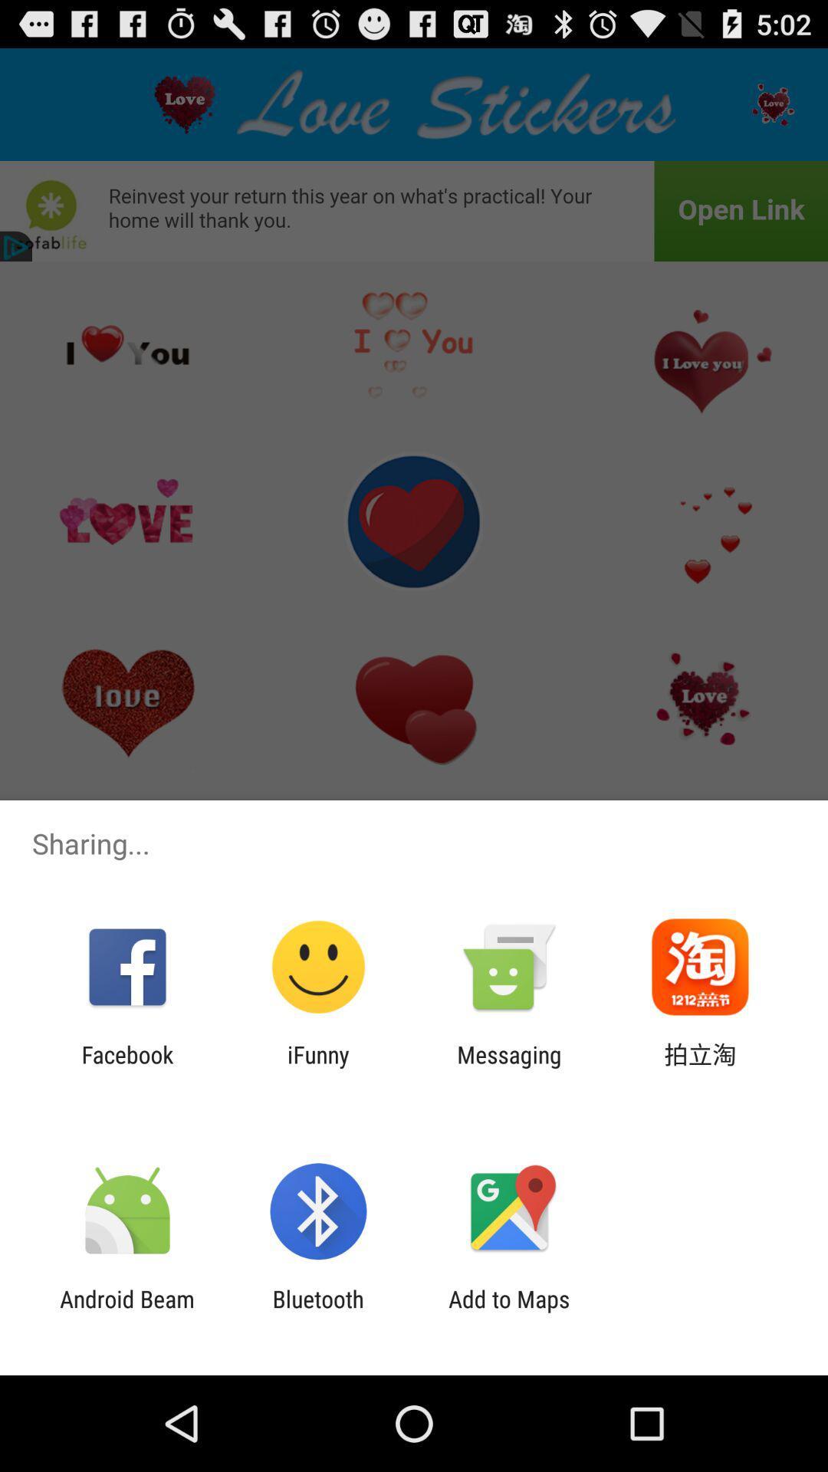  What do you see at coordinates (700, 1067) in the screenshot?
I see `the icon next to messaging` at bounding box center [700, 1067].